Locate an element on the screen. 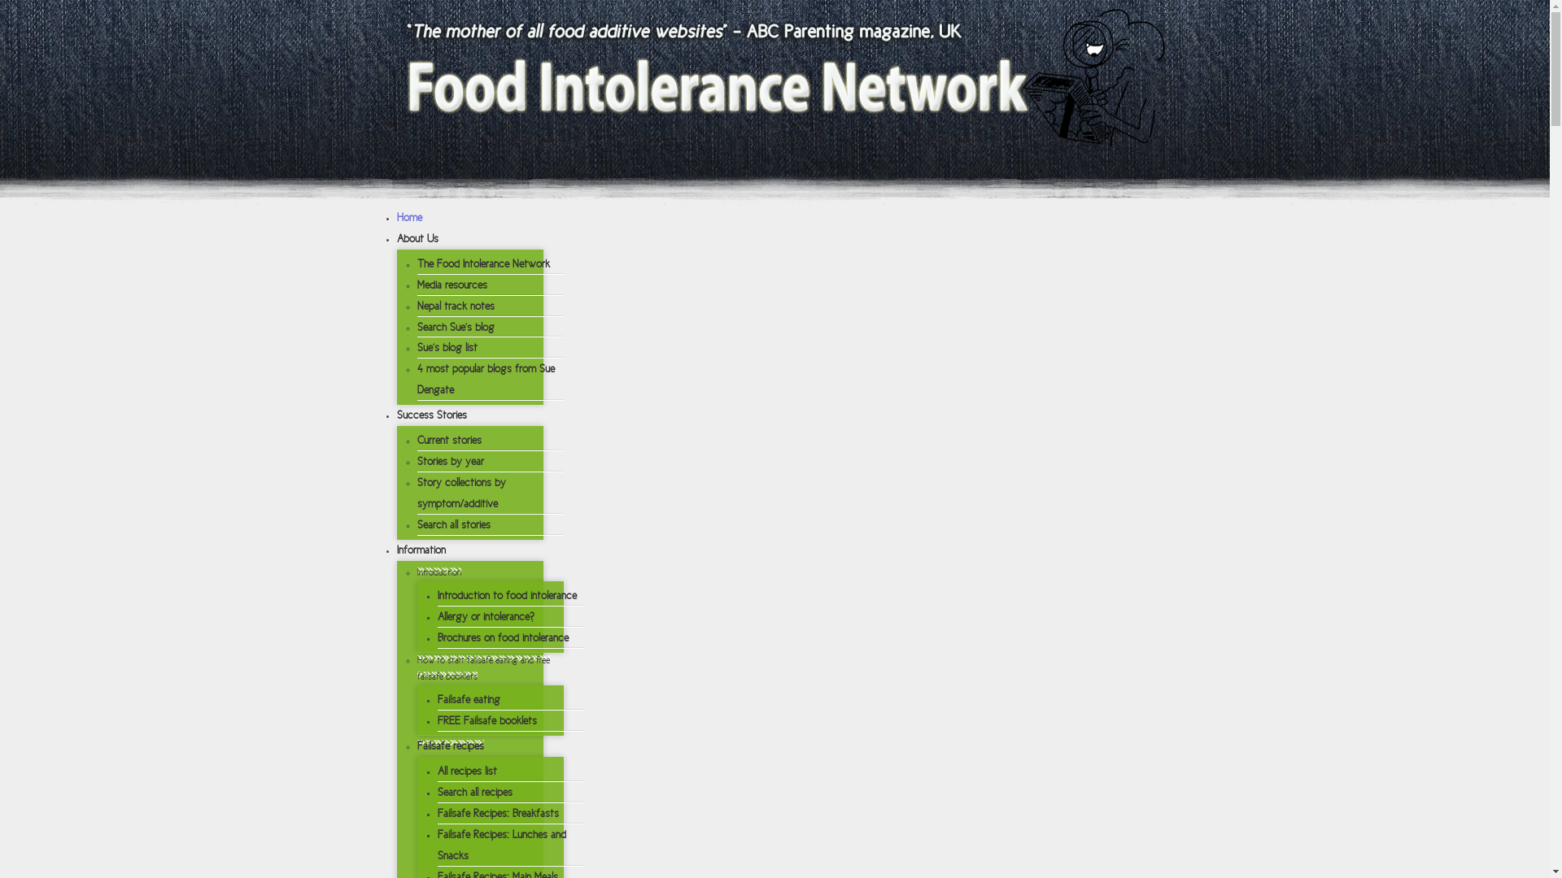 The height and width of the screenshot is (878, 1562). 'All recipes list' is located at coordinates (466, 770).